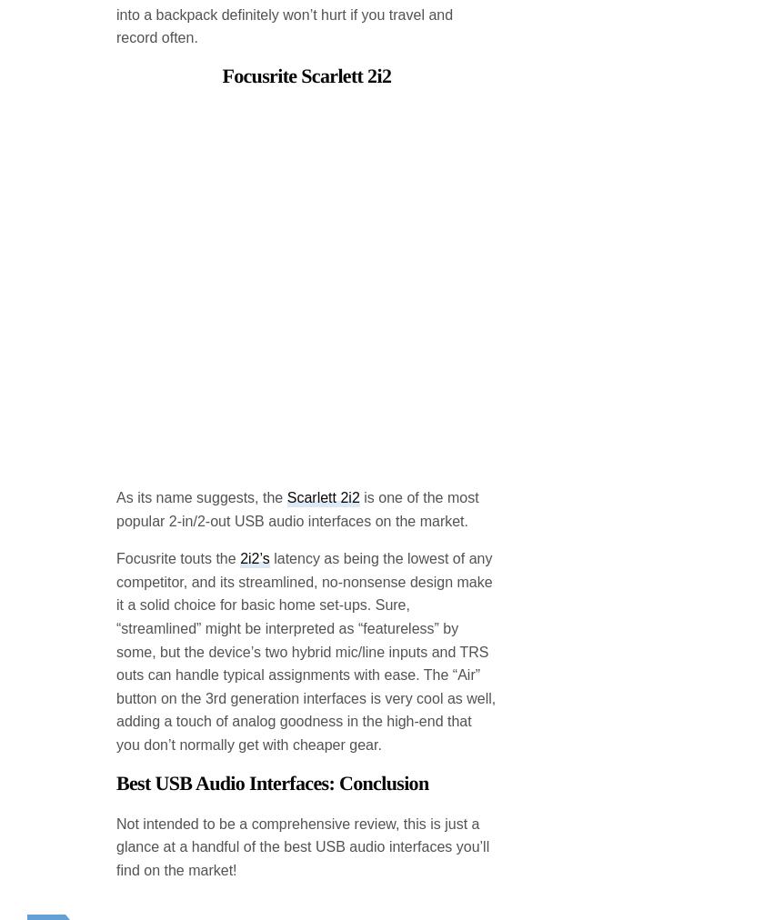 The height and width of the screenshot is (920, 773). What do you see at coordinates (136, 905) in the screenshot?
I see `'(0)'` at bounding box center [136, 905].